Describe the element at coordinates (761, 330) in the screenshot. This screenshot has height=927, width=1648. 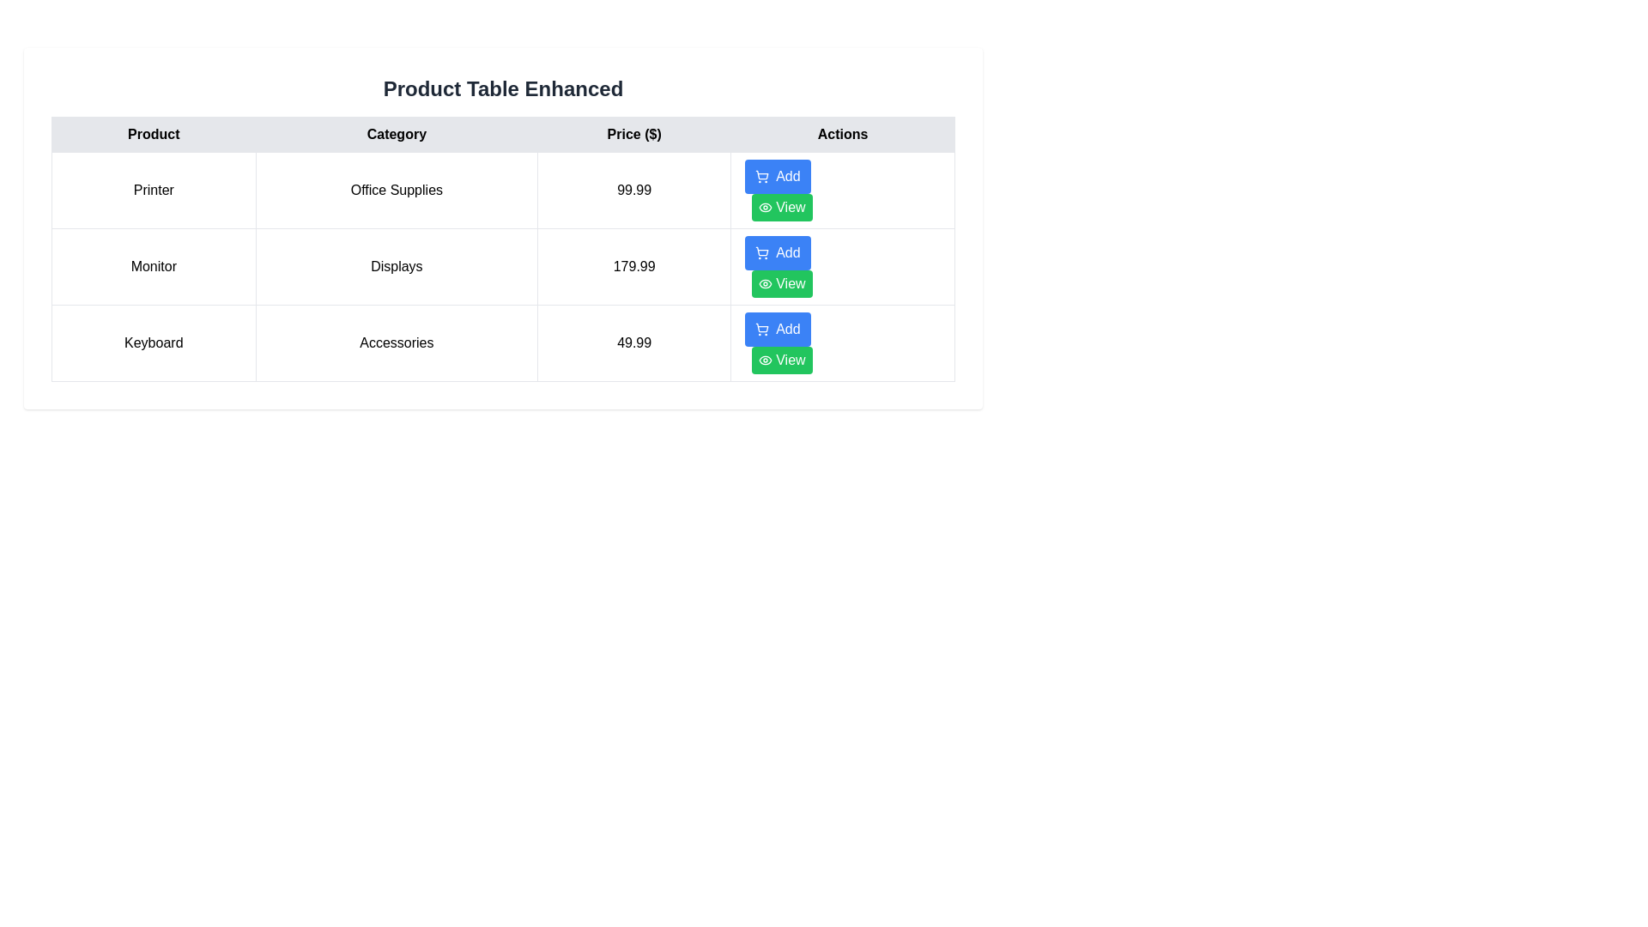
I see `the 'Add' button containing the shopping cart icon, which is styled with a blue outline and is positioned` at that location.